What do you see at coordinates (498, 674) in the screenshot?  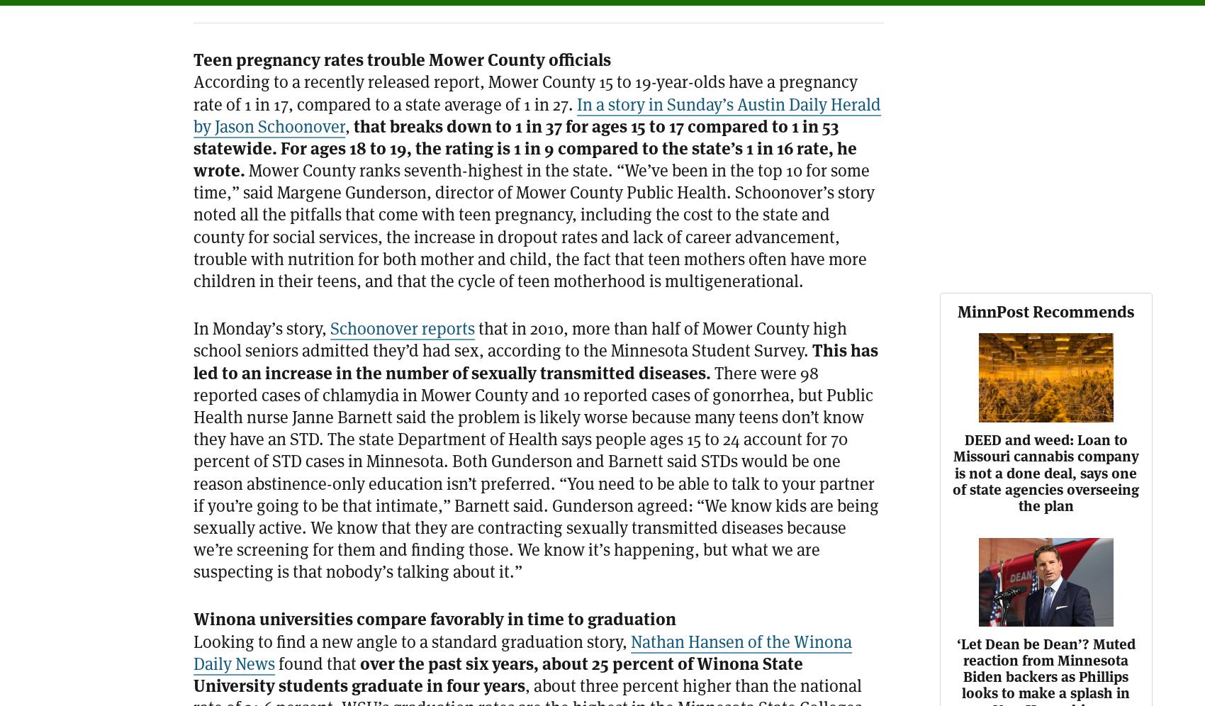 I see `'over the past six years, about 25 percent of Winona State University students graduate in four years'` at bounding box center [498, 674].